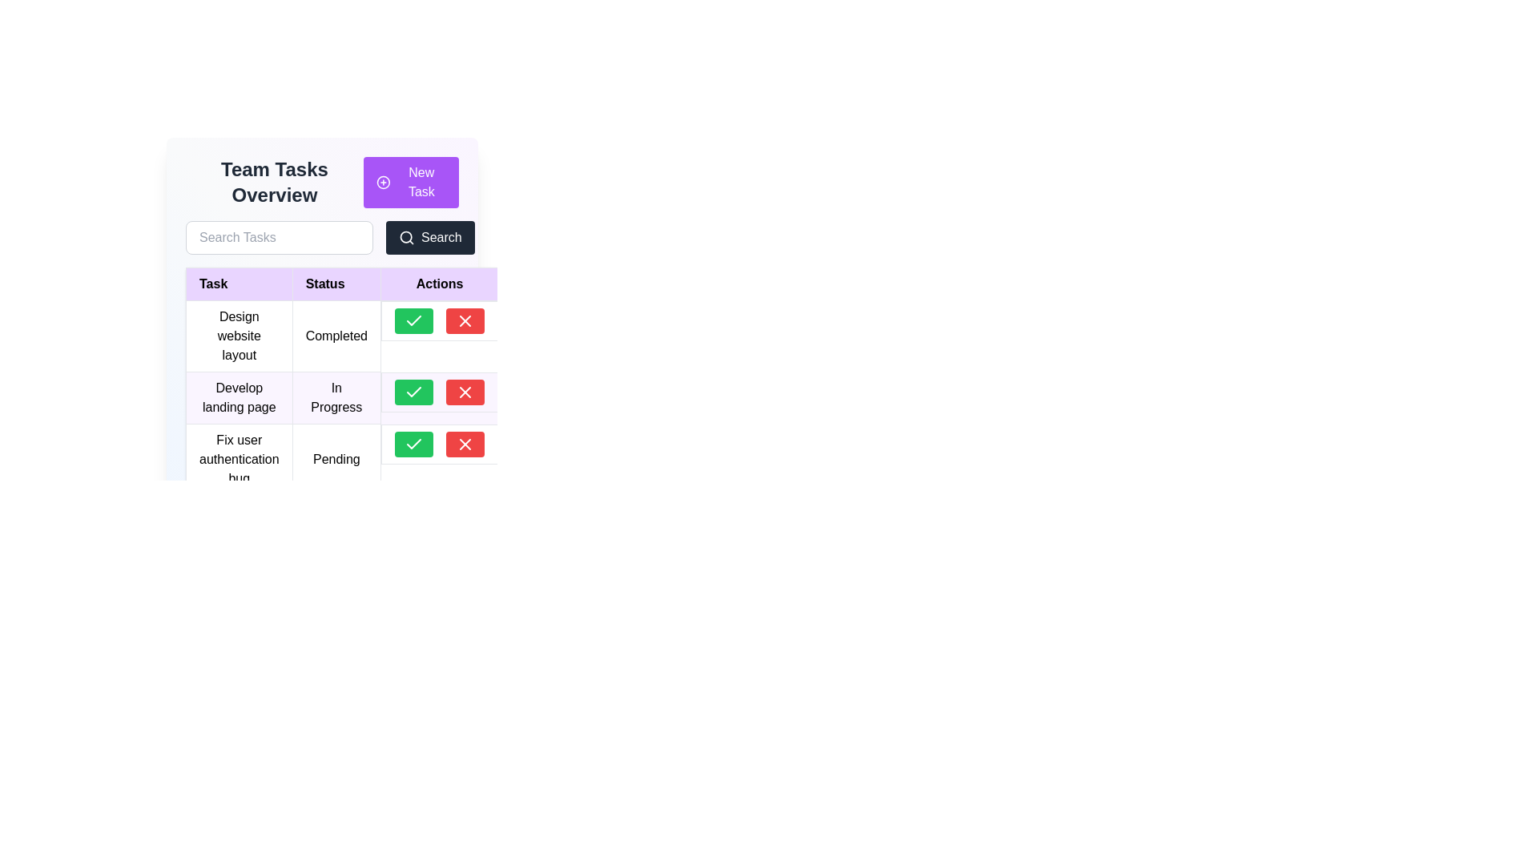 This screenshot has height=865, width=1538. I want to click on the red rectangular button with a white 'X' icon, located in the 'Actions' column next to the green checkmark button, so click(464, 392).